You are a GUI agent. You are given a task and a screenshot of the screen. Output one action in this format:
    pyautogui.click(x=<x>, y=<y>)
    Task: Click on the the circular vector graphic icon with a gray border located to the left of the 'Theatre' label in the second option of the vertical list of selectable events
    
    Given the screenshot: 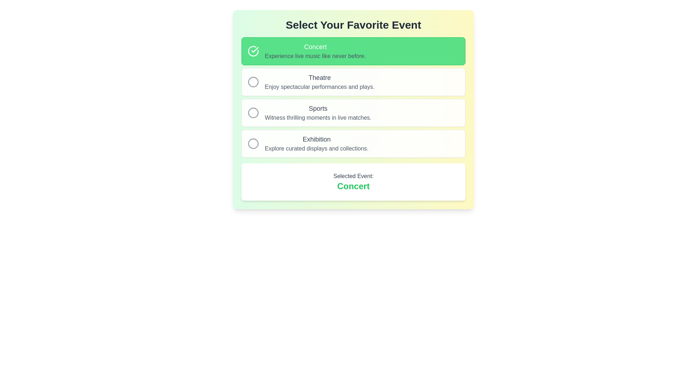 What is the action you would take?
    pyautogui.click(x=253, y=81)
    